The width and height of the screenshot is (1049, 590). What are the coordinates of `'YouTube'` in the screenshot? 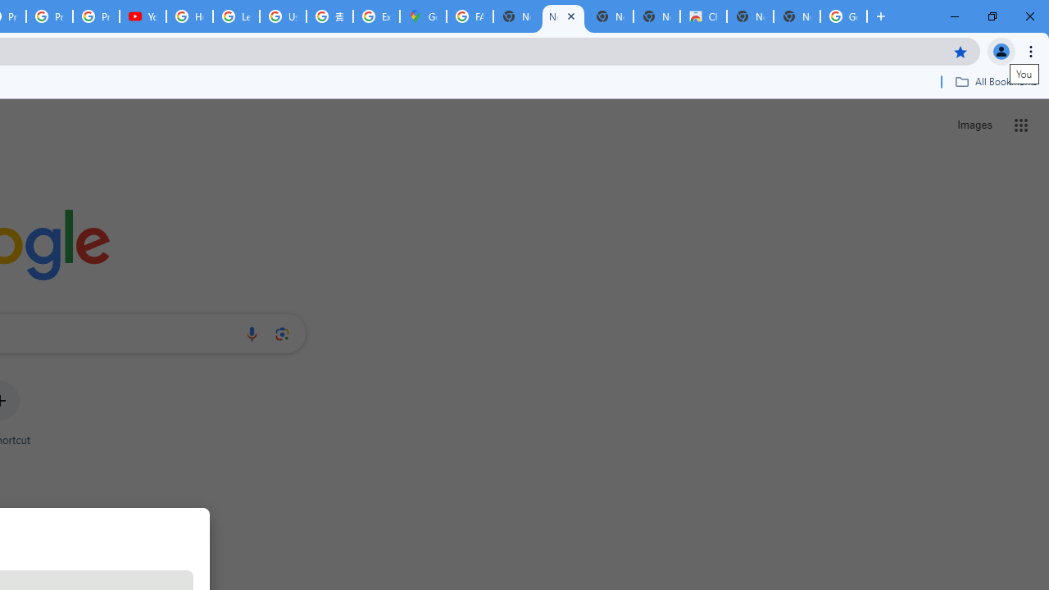 It's located at (143, 16).